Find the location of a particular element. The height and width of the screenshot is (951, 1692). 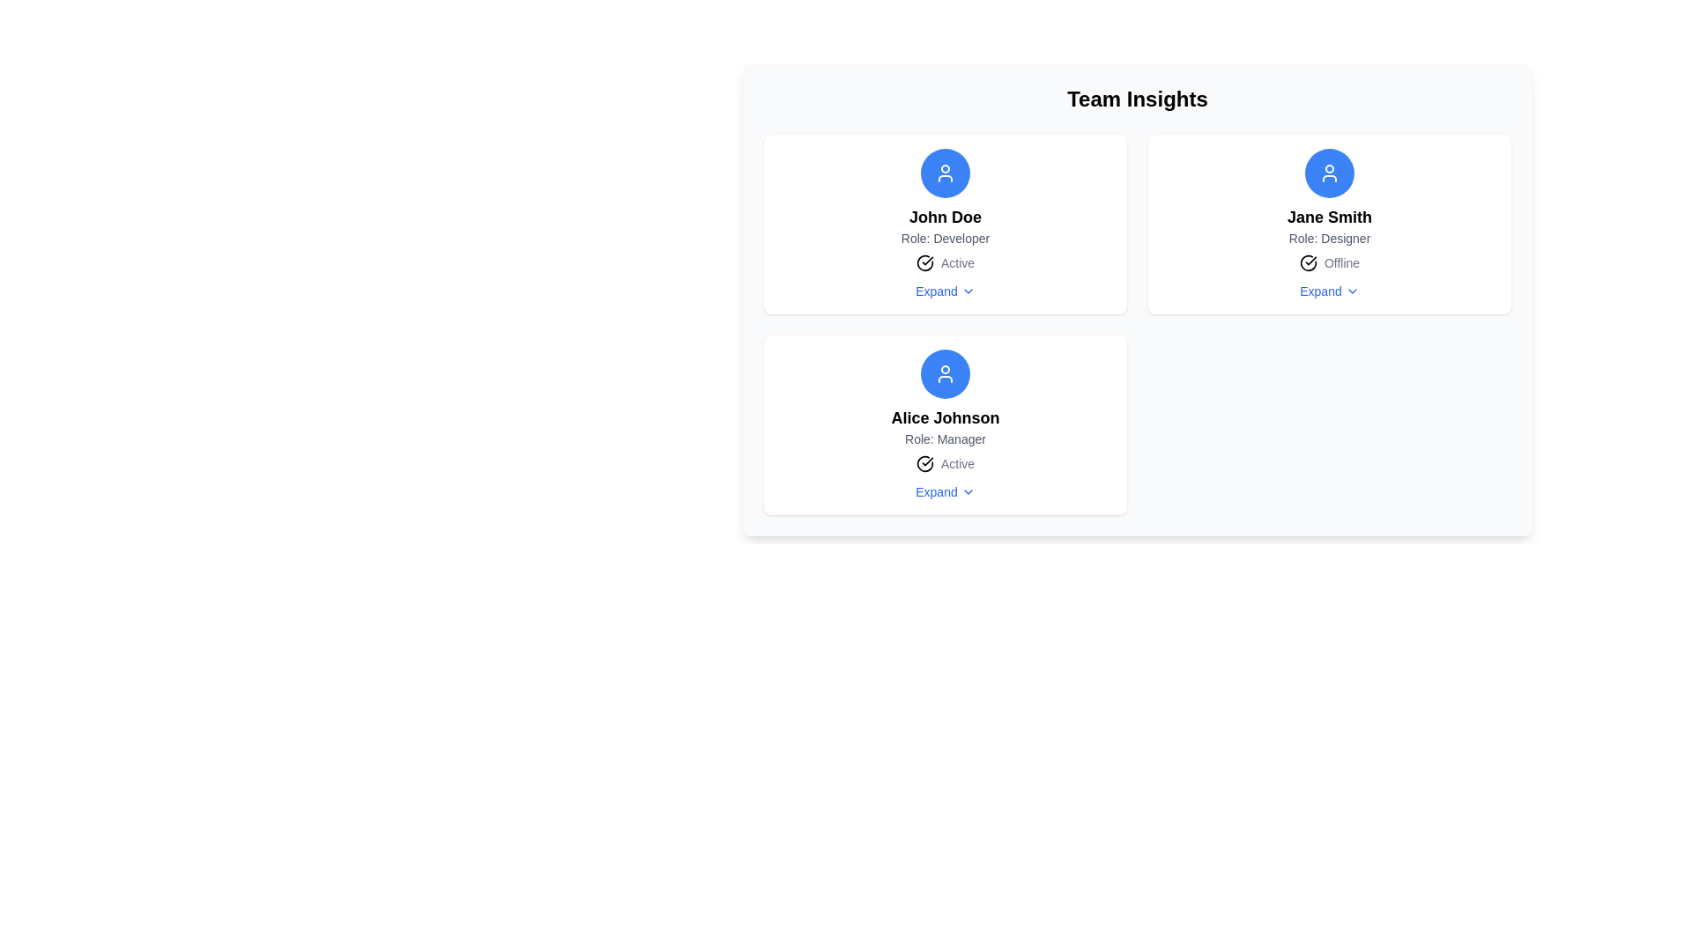

the Profile card displaying user details, located in the second column of the grid layout is located at coordinates (1329, 223).